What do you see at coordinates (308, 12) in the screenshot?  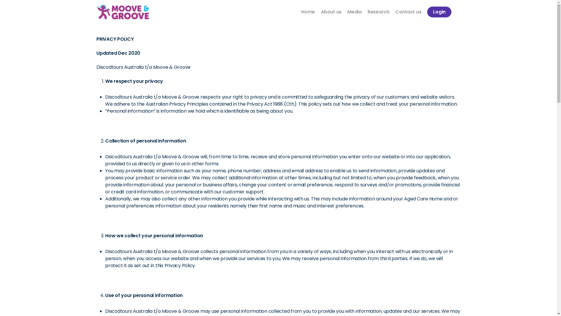 I see `'Home'` at bounding box center [308, 12].